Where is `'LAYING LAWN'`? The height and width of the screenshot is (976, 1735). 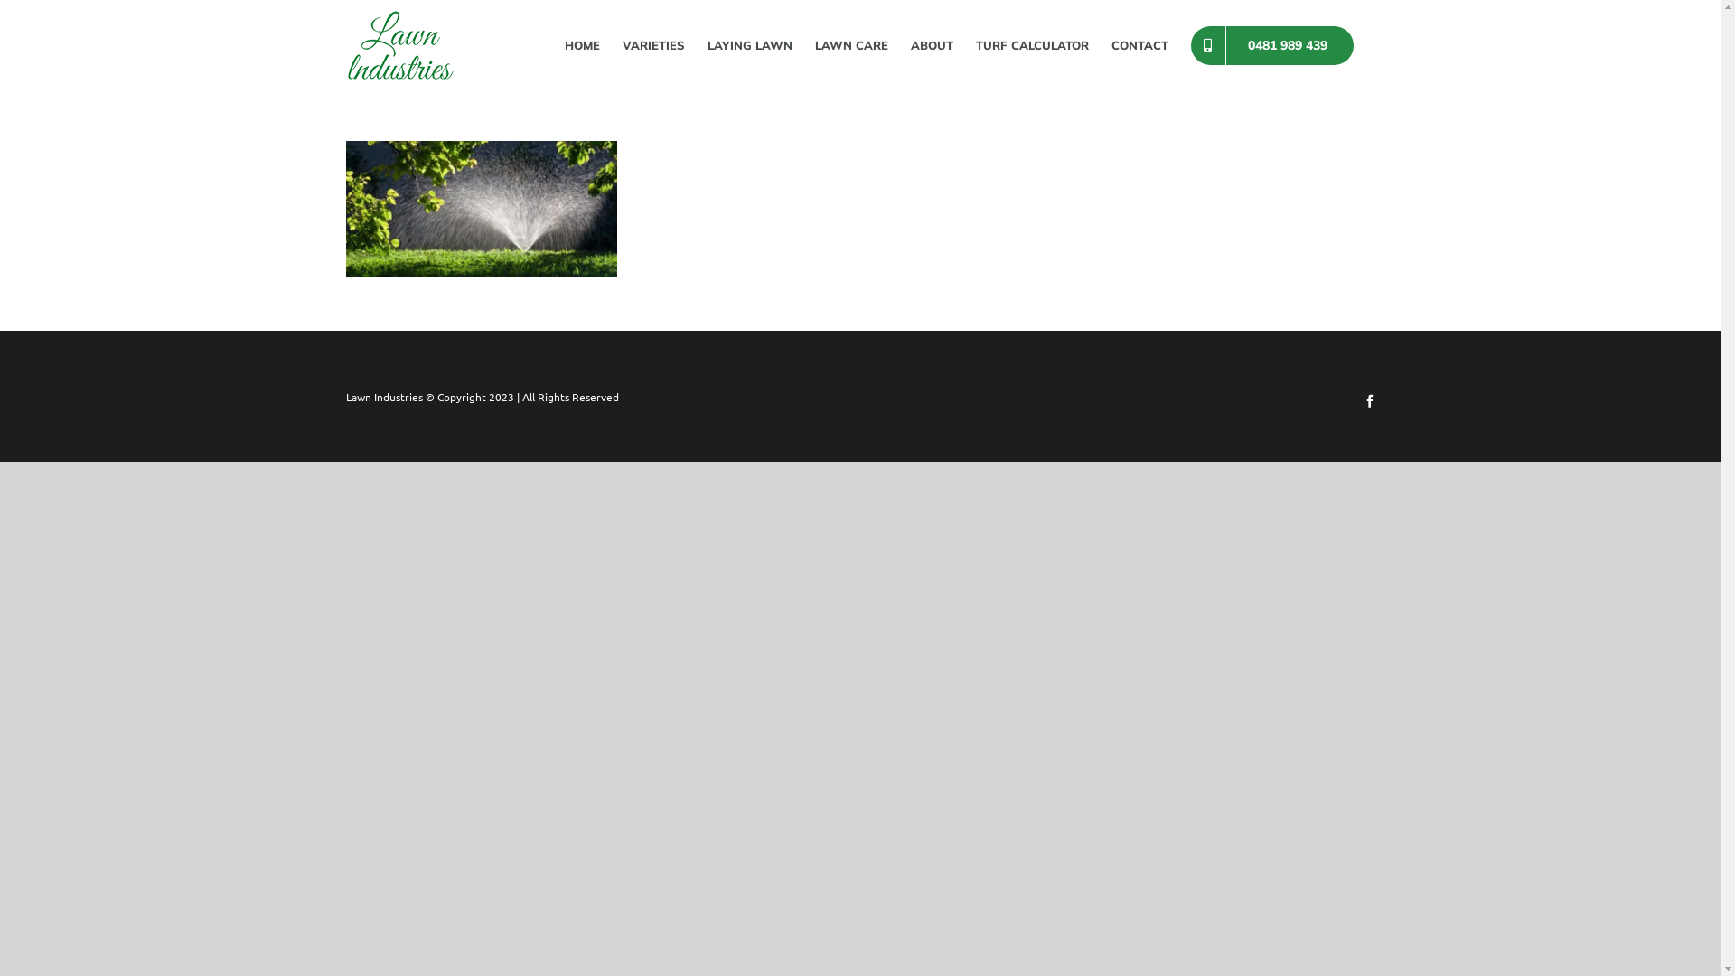 'LAYING LAWN' is located at coordinates (749, 44).